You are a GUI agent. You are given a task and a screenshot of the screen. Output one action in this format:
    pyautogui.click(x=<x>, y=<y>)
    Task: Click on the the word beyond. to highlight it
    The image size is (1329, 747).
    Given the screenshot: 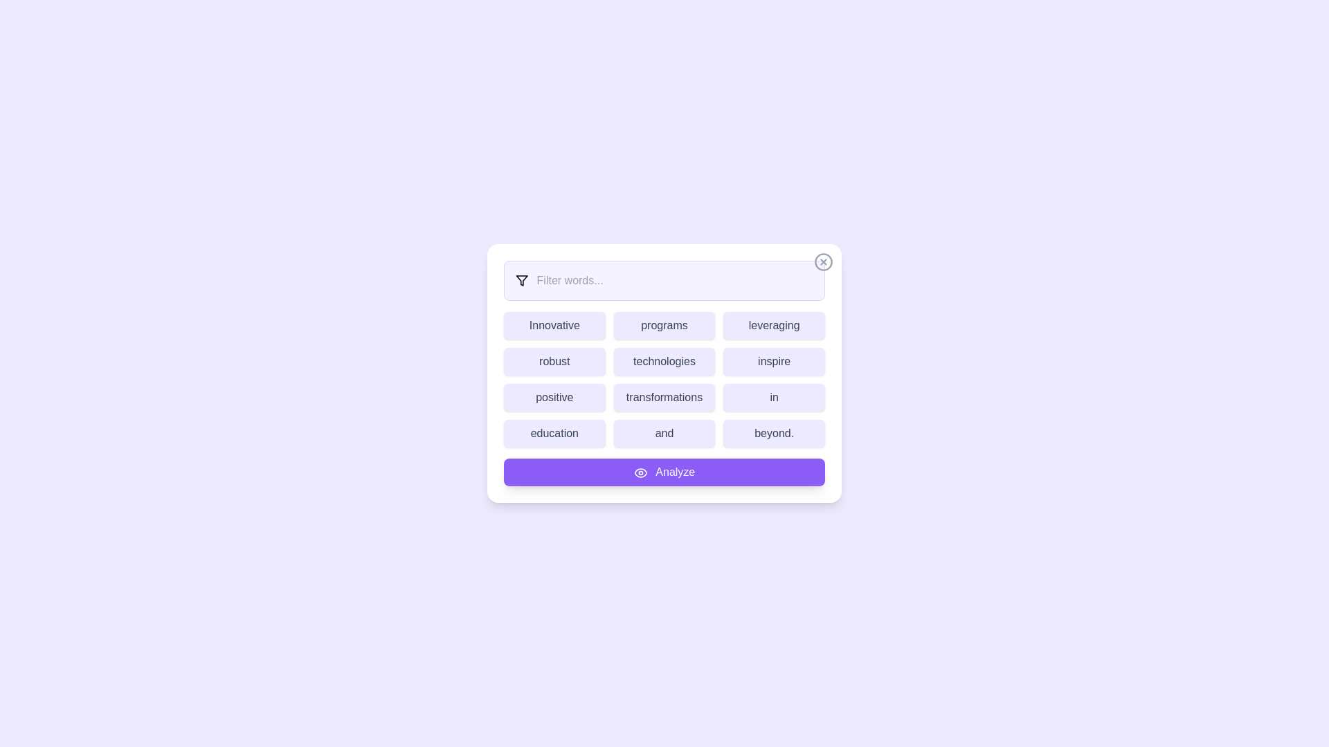 What is the action you would take?
    pyautogui.click(x=773, y=433)
    